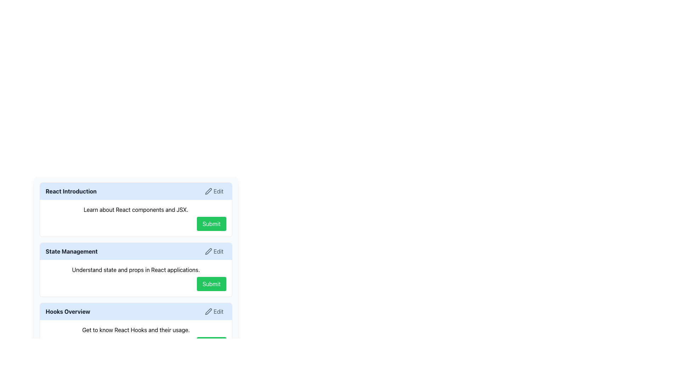 The image size is (680, 382). Describe the element at coordinates (136, 283) in the screenshot. I see `the button located at the bottom-right corner of the 'State Management' section` at that location.